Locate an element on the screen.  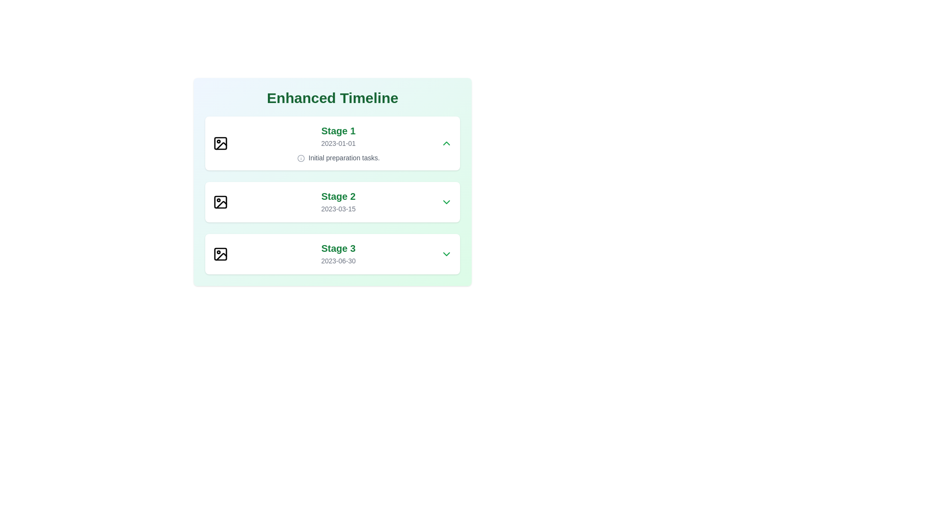
the icon representing 'Stage 3', which is located adjacent to the heading for 'Stage 3' in the interface, indicating an image upload or preview feature is located at coordinates (221, 256).